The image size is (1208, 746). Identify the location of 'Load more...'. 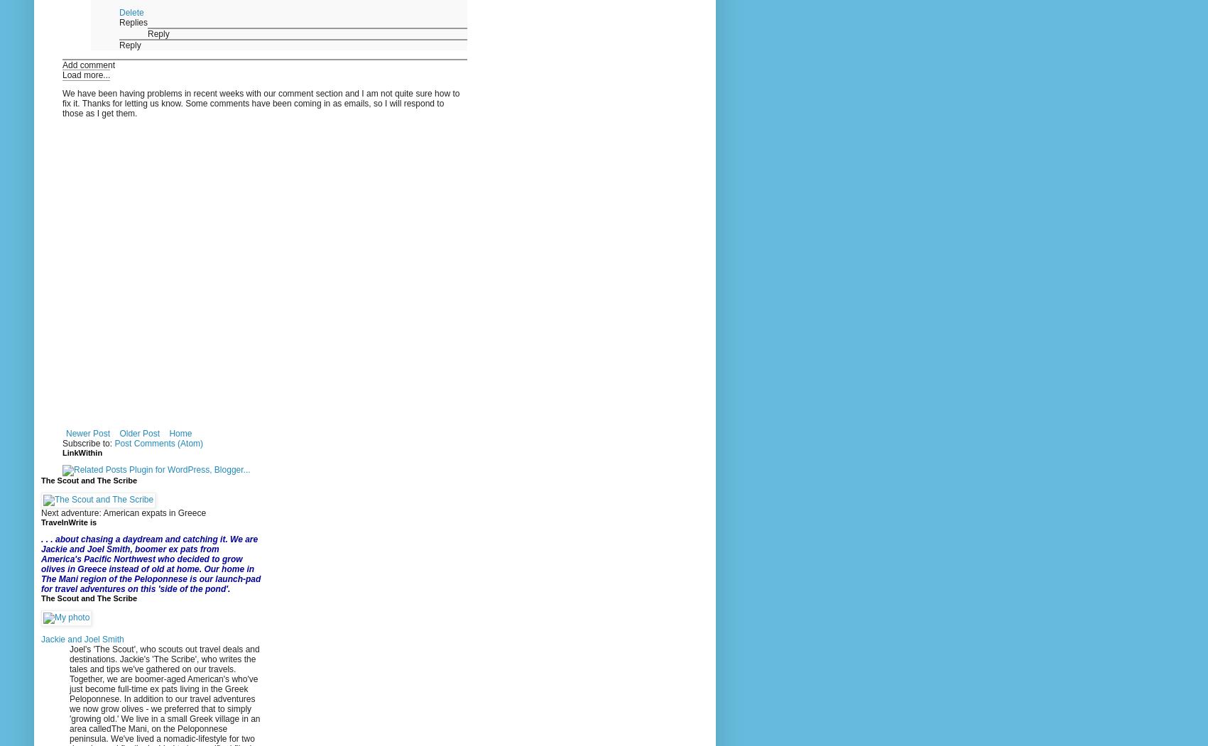
(86, 75).